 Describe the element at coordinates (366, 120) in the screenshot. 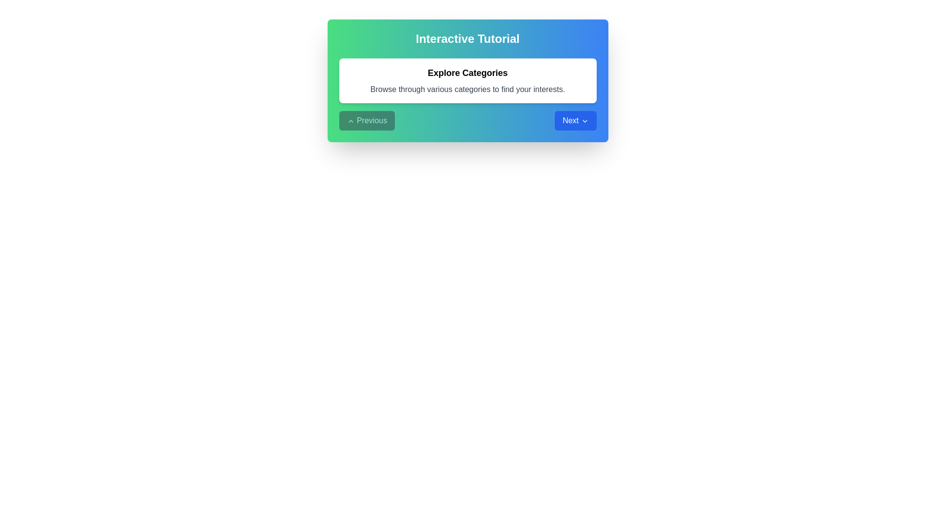

I see `the 'Previous' button to navigate to the previous step` at that location.